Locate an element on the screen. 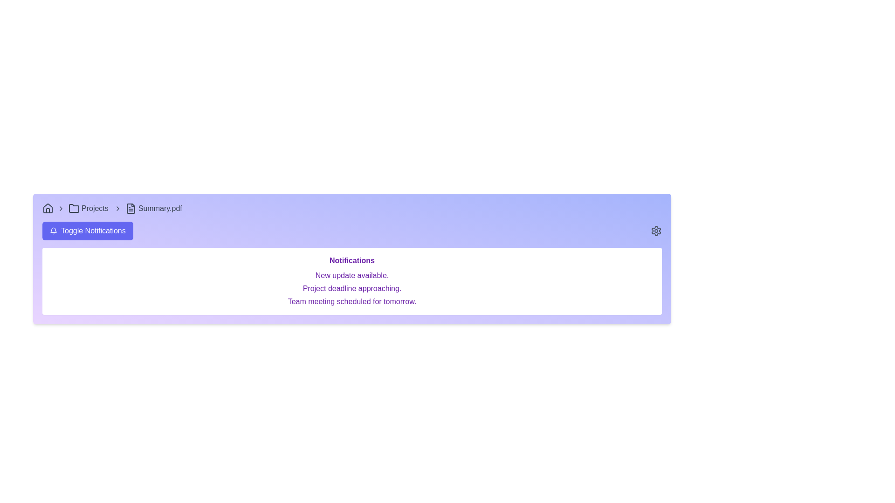  the 'Notifications' static text label, which is styled in bold purple font and positioned above the notification messages is located at coordinates (351, 260).